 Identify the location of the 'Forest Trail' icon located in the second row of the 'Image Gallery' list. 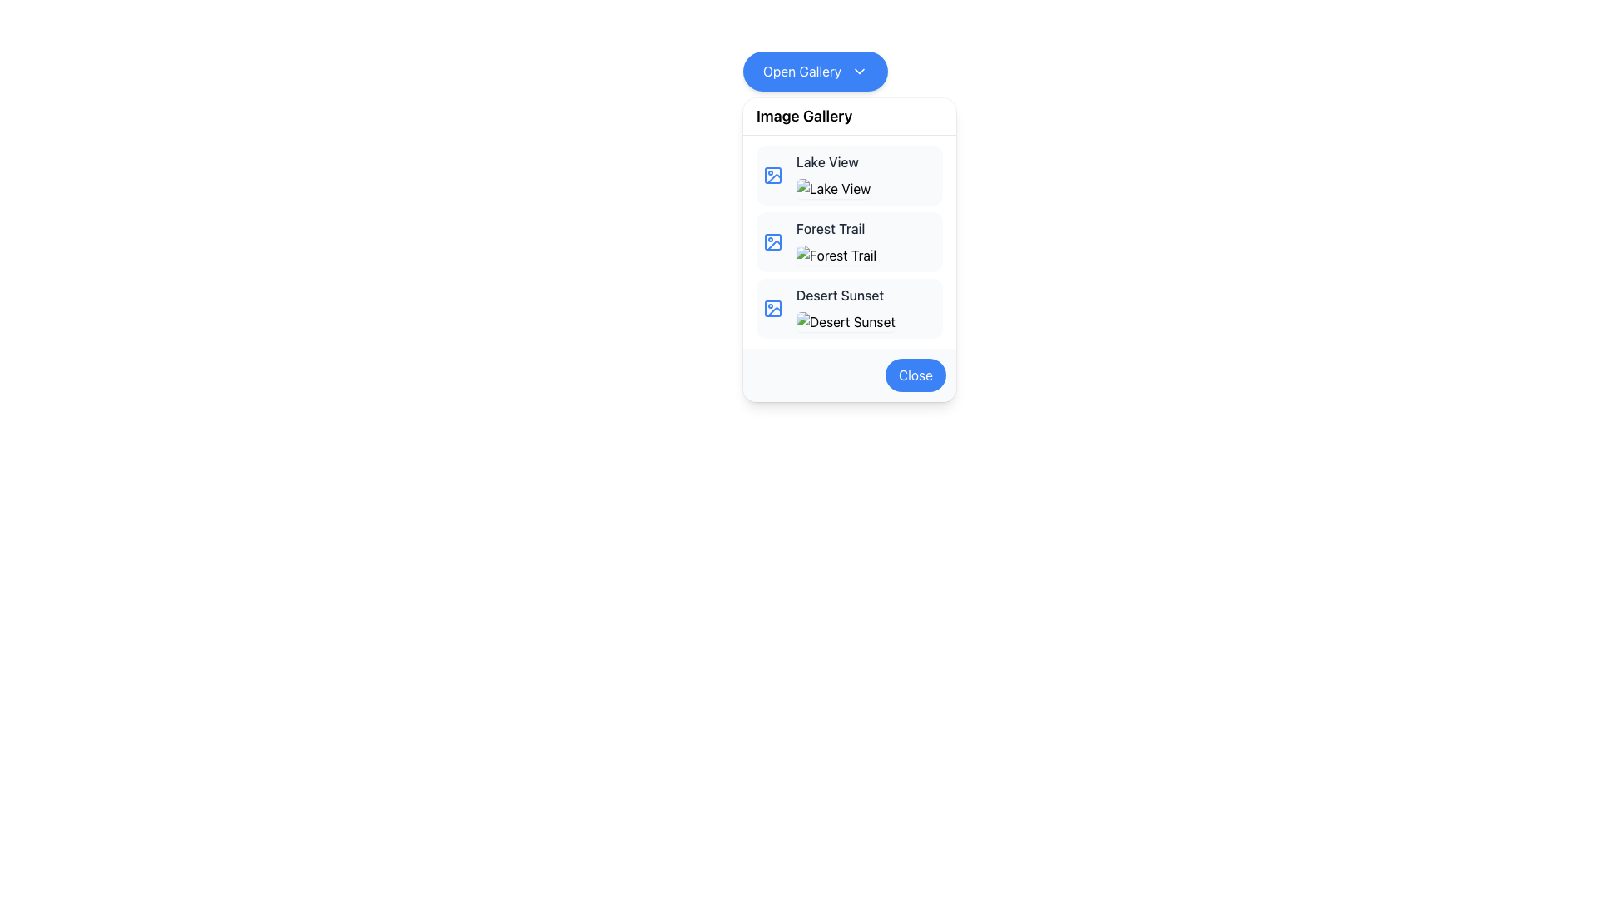
(772, 241).